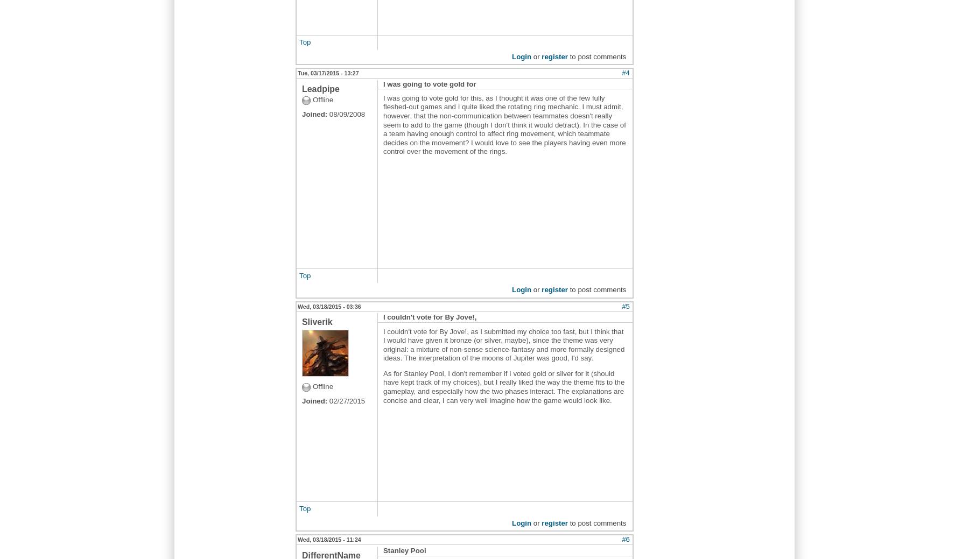 The image size is (969, 559). I want to click on 'I couldn't vote for By Jove!, as I submitted my choice too fast, but I think that I would have given it bronze (or silver, maybe), since the theme was very original: a mixture of non-sense science-fantasy and more formally designed ideas. The interpretation of the moons of Jupiter was good, I'd say.', so click(503, 344).